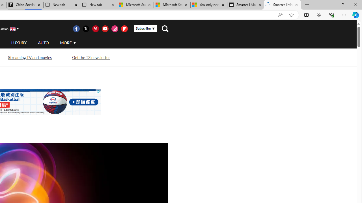 This screenshot has height=203, width=362. I want to click on 'Visit us on Flipboard', so click(124, 28).